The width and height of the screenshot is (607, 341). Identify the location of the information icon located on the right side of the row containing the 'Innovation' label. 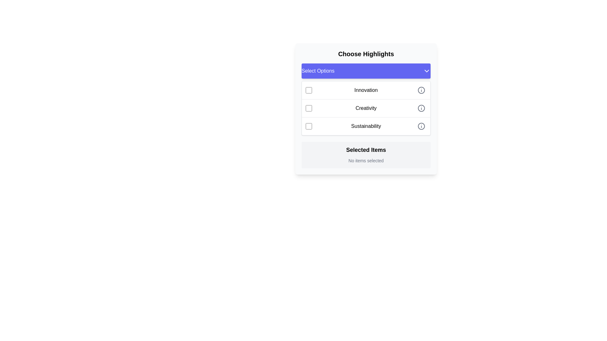
(421, 90).